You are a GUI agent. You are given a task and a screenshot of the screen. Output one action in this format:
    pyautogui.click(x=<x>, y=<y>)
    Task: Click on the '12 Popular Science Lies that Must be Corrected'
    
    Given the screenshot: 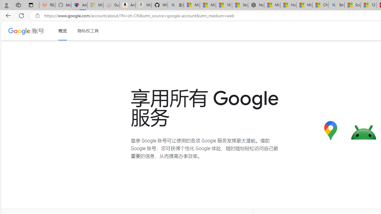 What is the action you would take?
    pyautogui.click(x=368, y=5)
    